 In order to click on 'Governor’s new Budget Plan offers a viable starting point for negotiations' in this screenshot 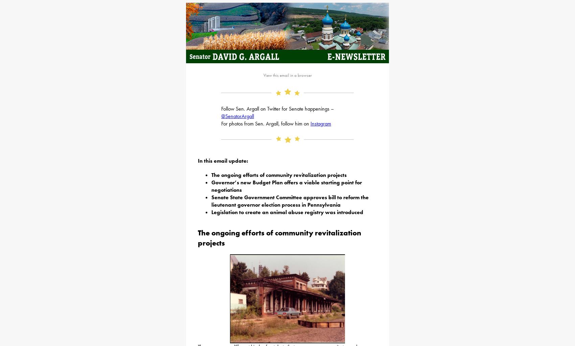, I will do `click(211, 185)`.